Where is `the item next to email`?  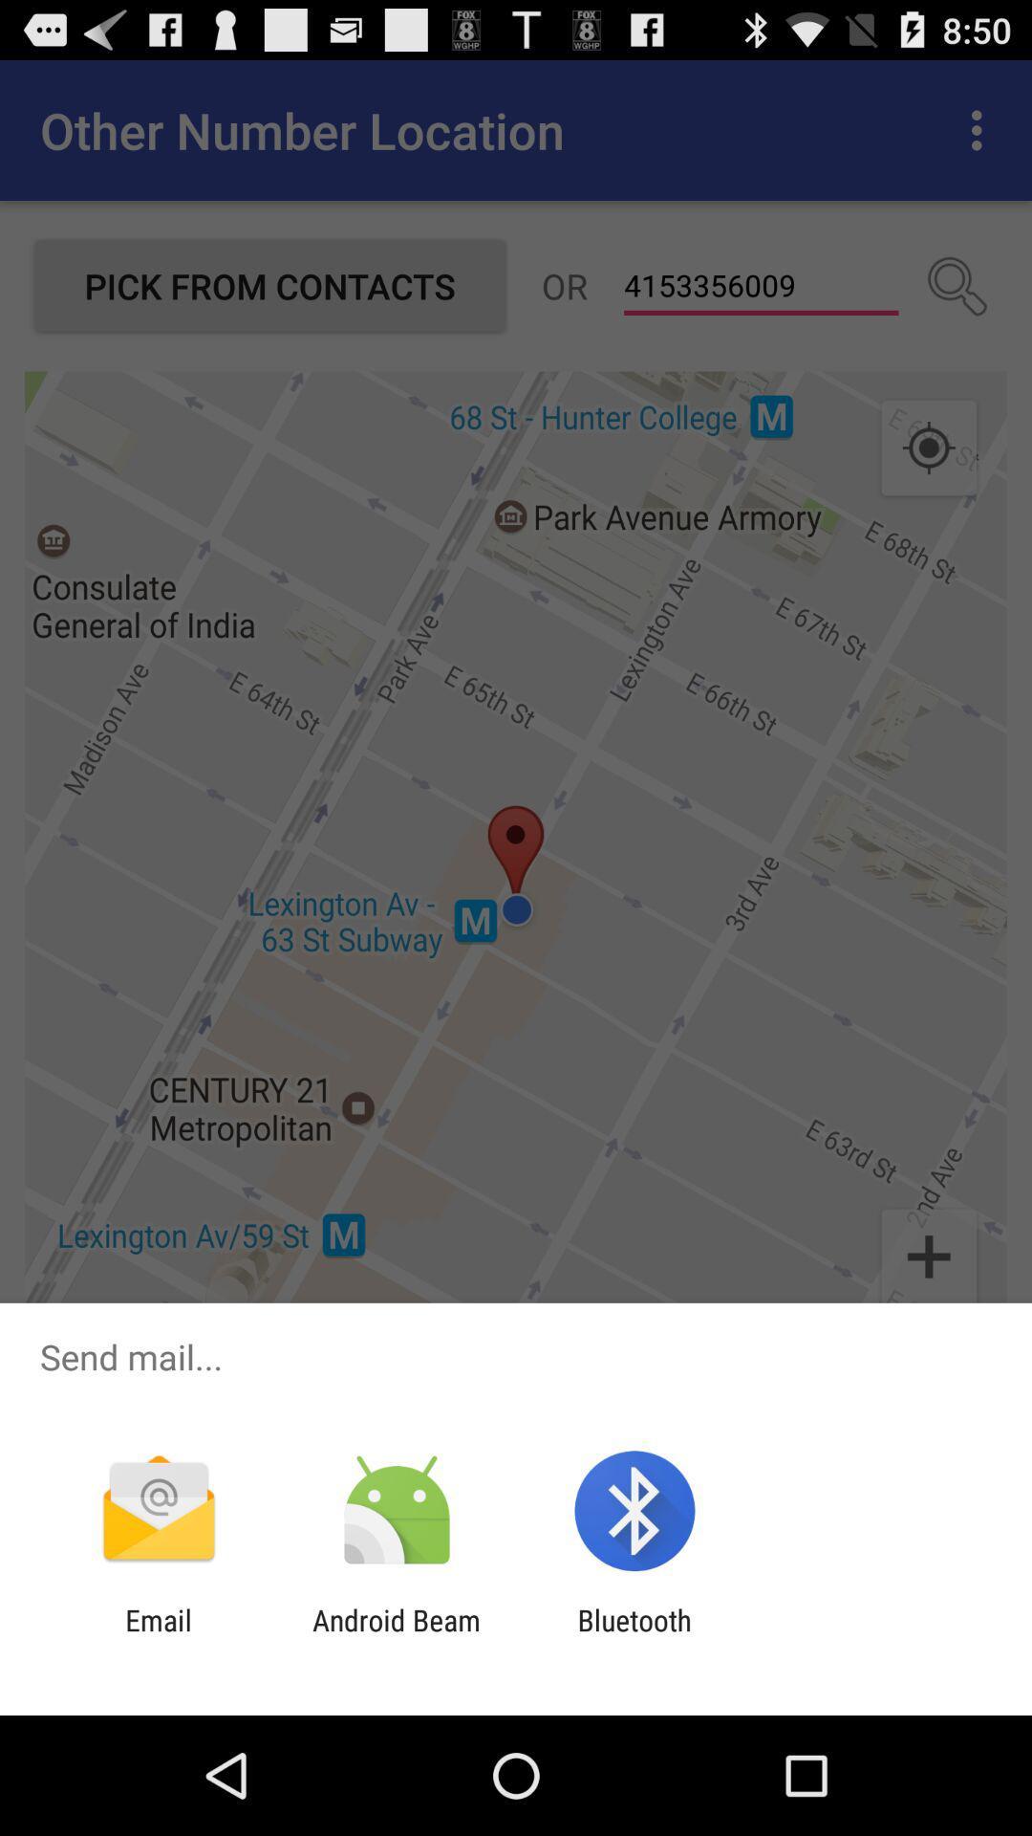
the item next to email is located at coordinates (396, 1636).